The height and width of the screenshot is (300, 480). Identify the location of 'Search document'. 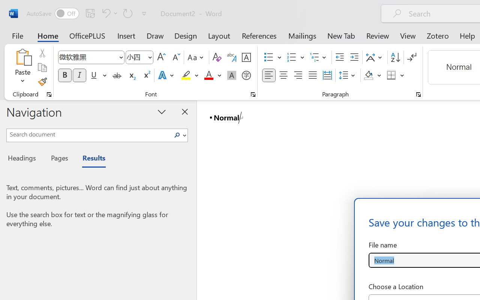
(89, 134).